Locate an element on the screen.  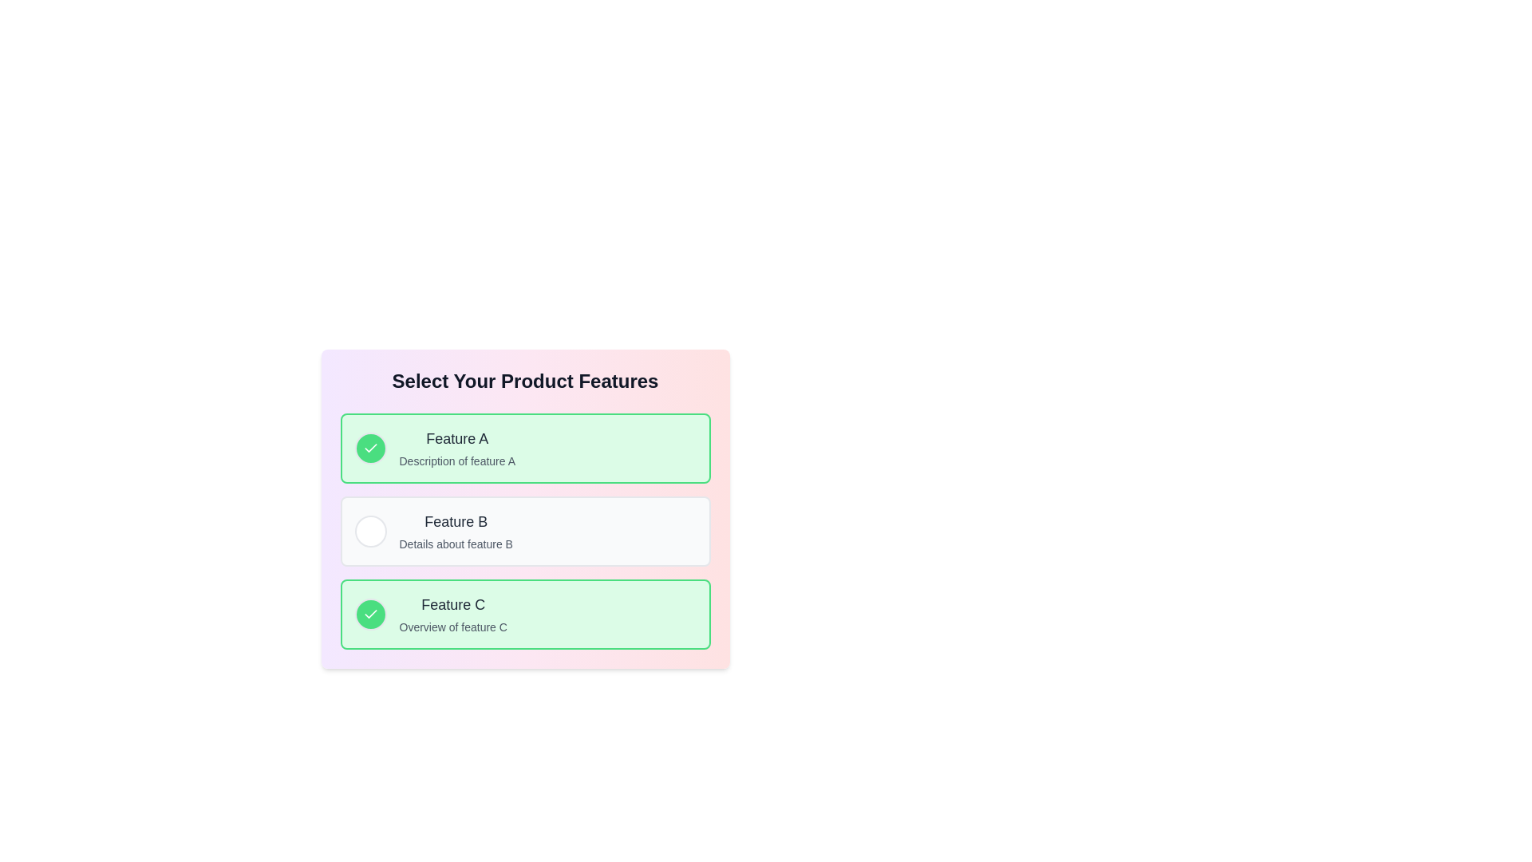
text block titled 'Feature A' with a description on a light green background, positioned in the first card of the feature options is located at coordinates (456, 449).